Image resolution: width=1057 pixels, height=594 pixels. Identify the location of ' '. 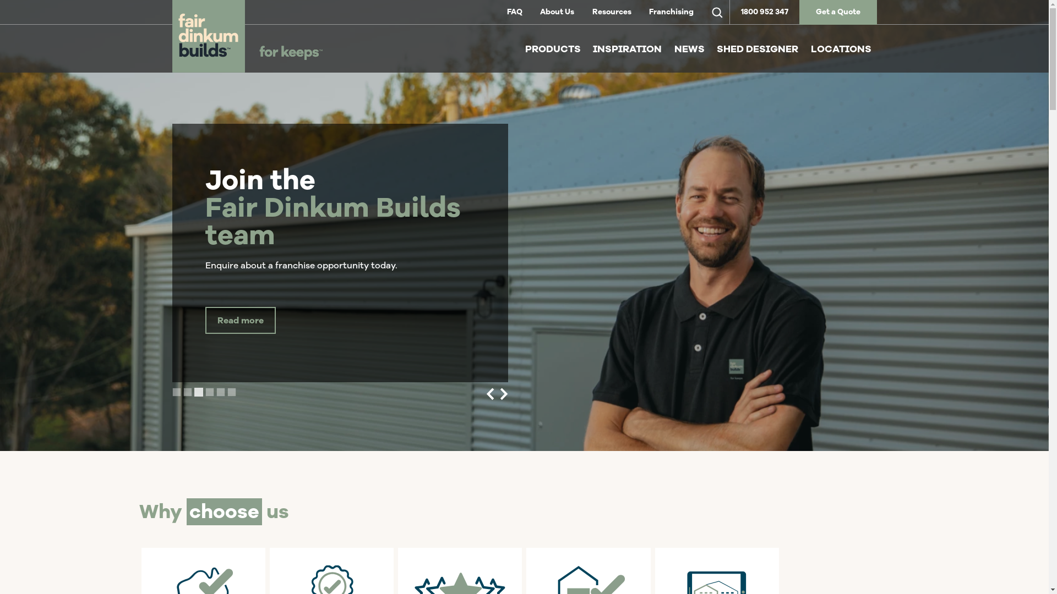
(716, 12).